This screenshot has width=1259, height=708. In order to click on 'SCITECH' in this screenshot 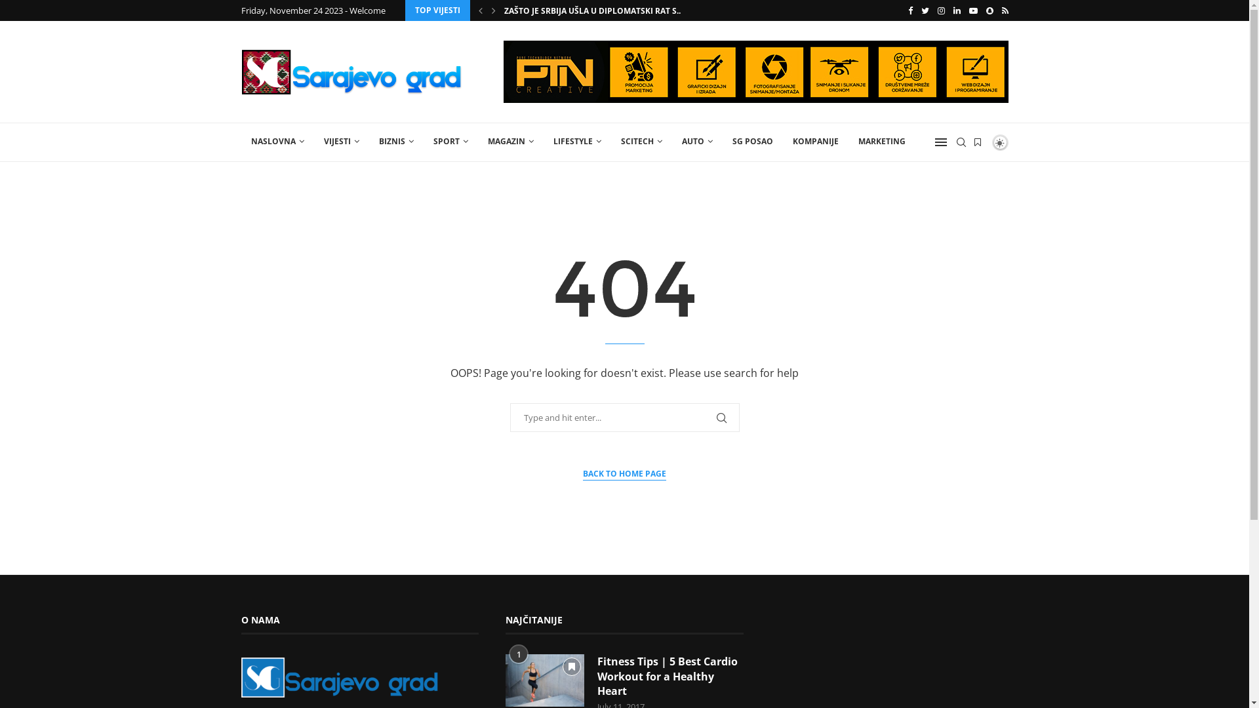, I will do `click(641, 142)`.